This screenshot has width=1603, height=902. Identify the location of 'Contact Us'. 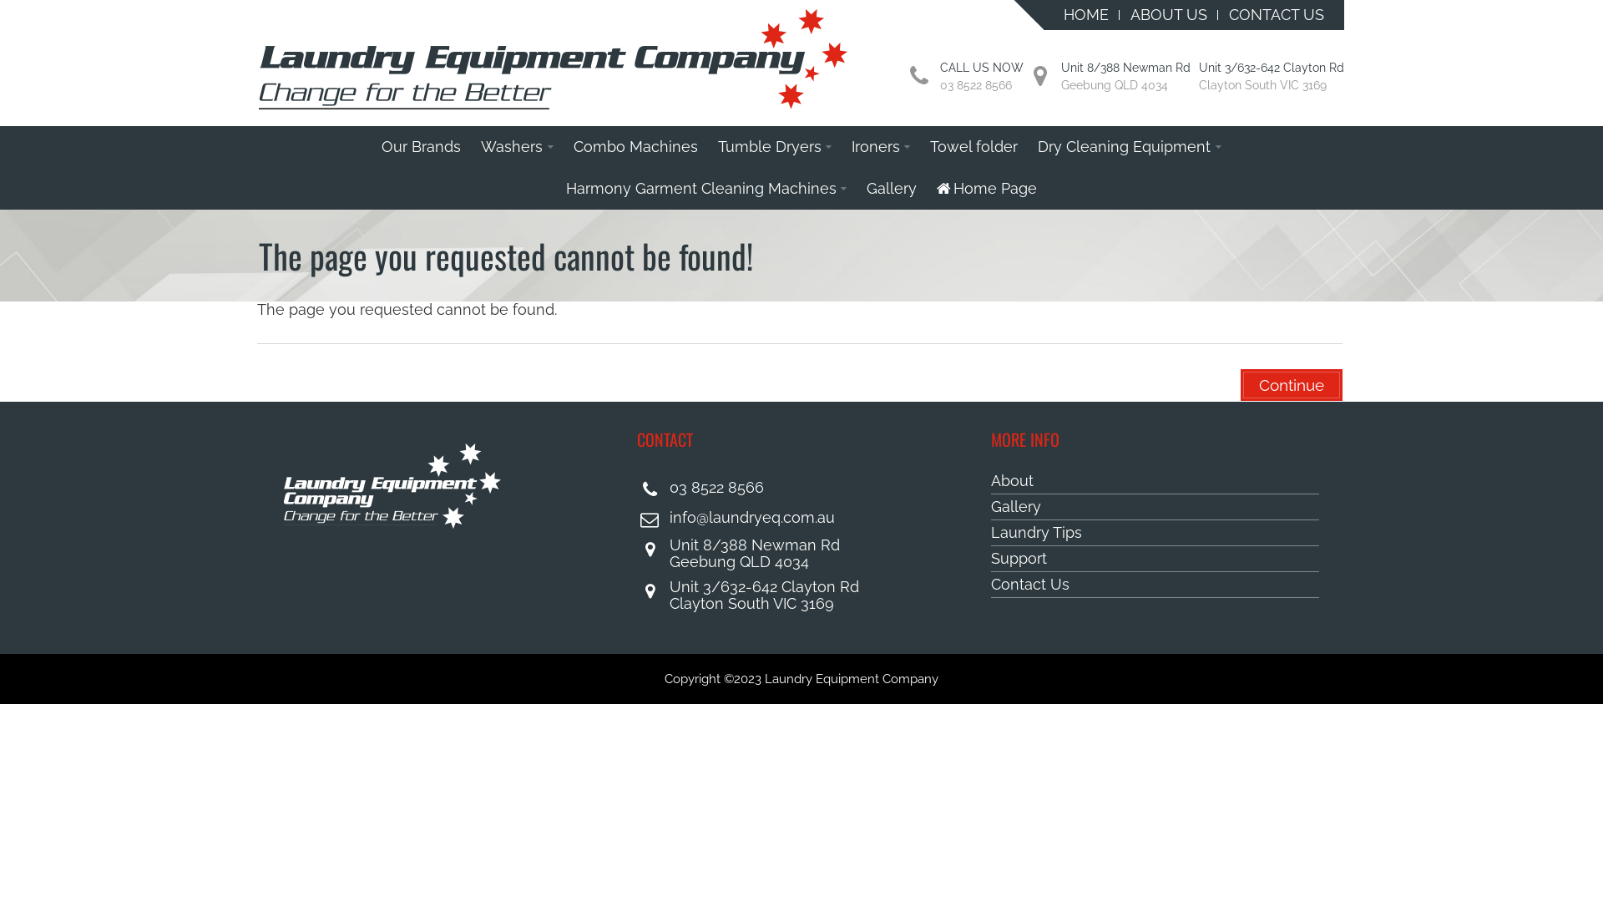
(1154, 584).